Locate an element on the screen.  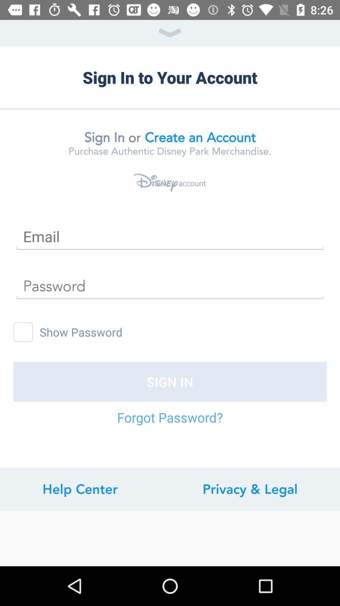
the icon below sign in is located at coordinates (170, 424).